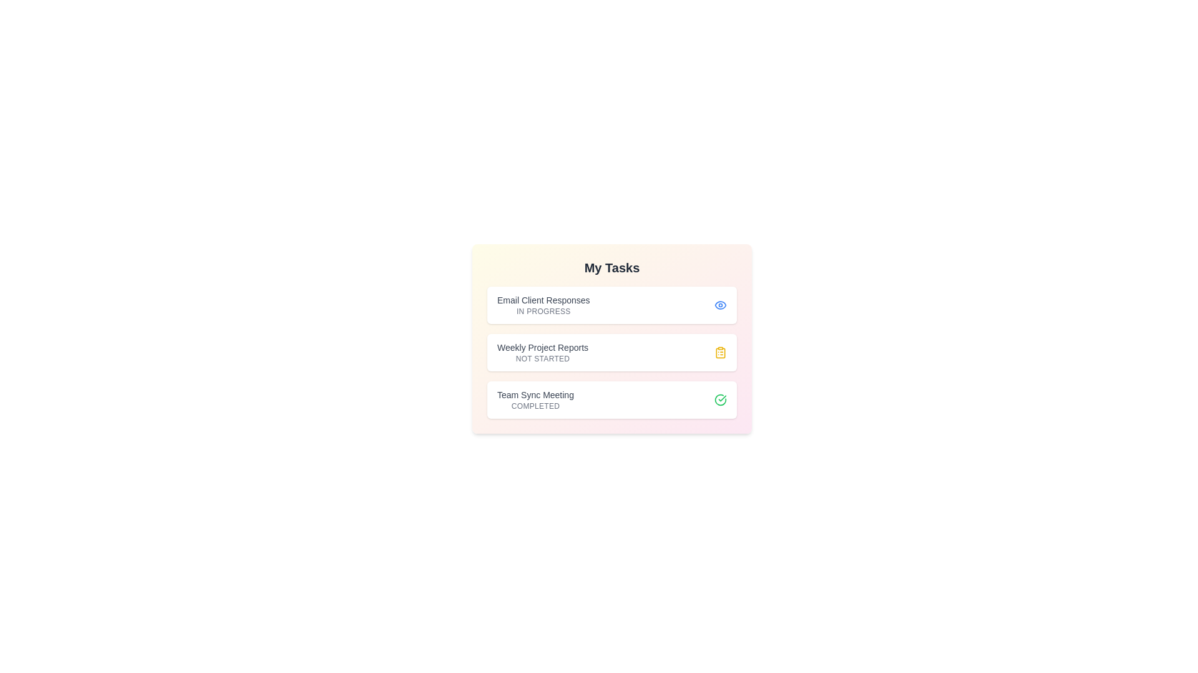 The height and width of the screenshot is (673, 1198). Describe the element at coordinates (535, 399) in the screenshot. I see `the task name to view its details. The task to click is specified by the parameter Team Sync Meeting` at that location.